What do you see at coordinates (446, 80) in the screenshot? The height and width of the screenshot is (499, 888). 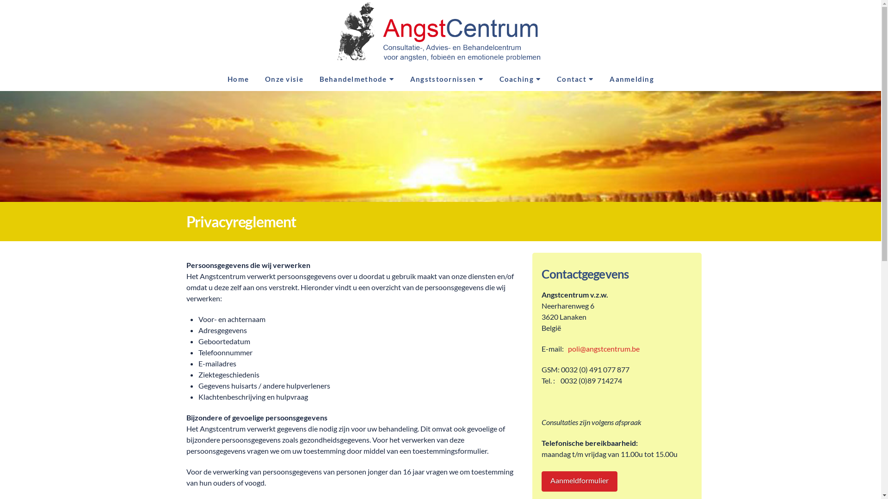 I see `'Angststoornissen'` at bounding box center [446, 80].